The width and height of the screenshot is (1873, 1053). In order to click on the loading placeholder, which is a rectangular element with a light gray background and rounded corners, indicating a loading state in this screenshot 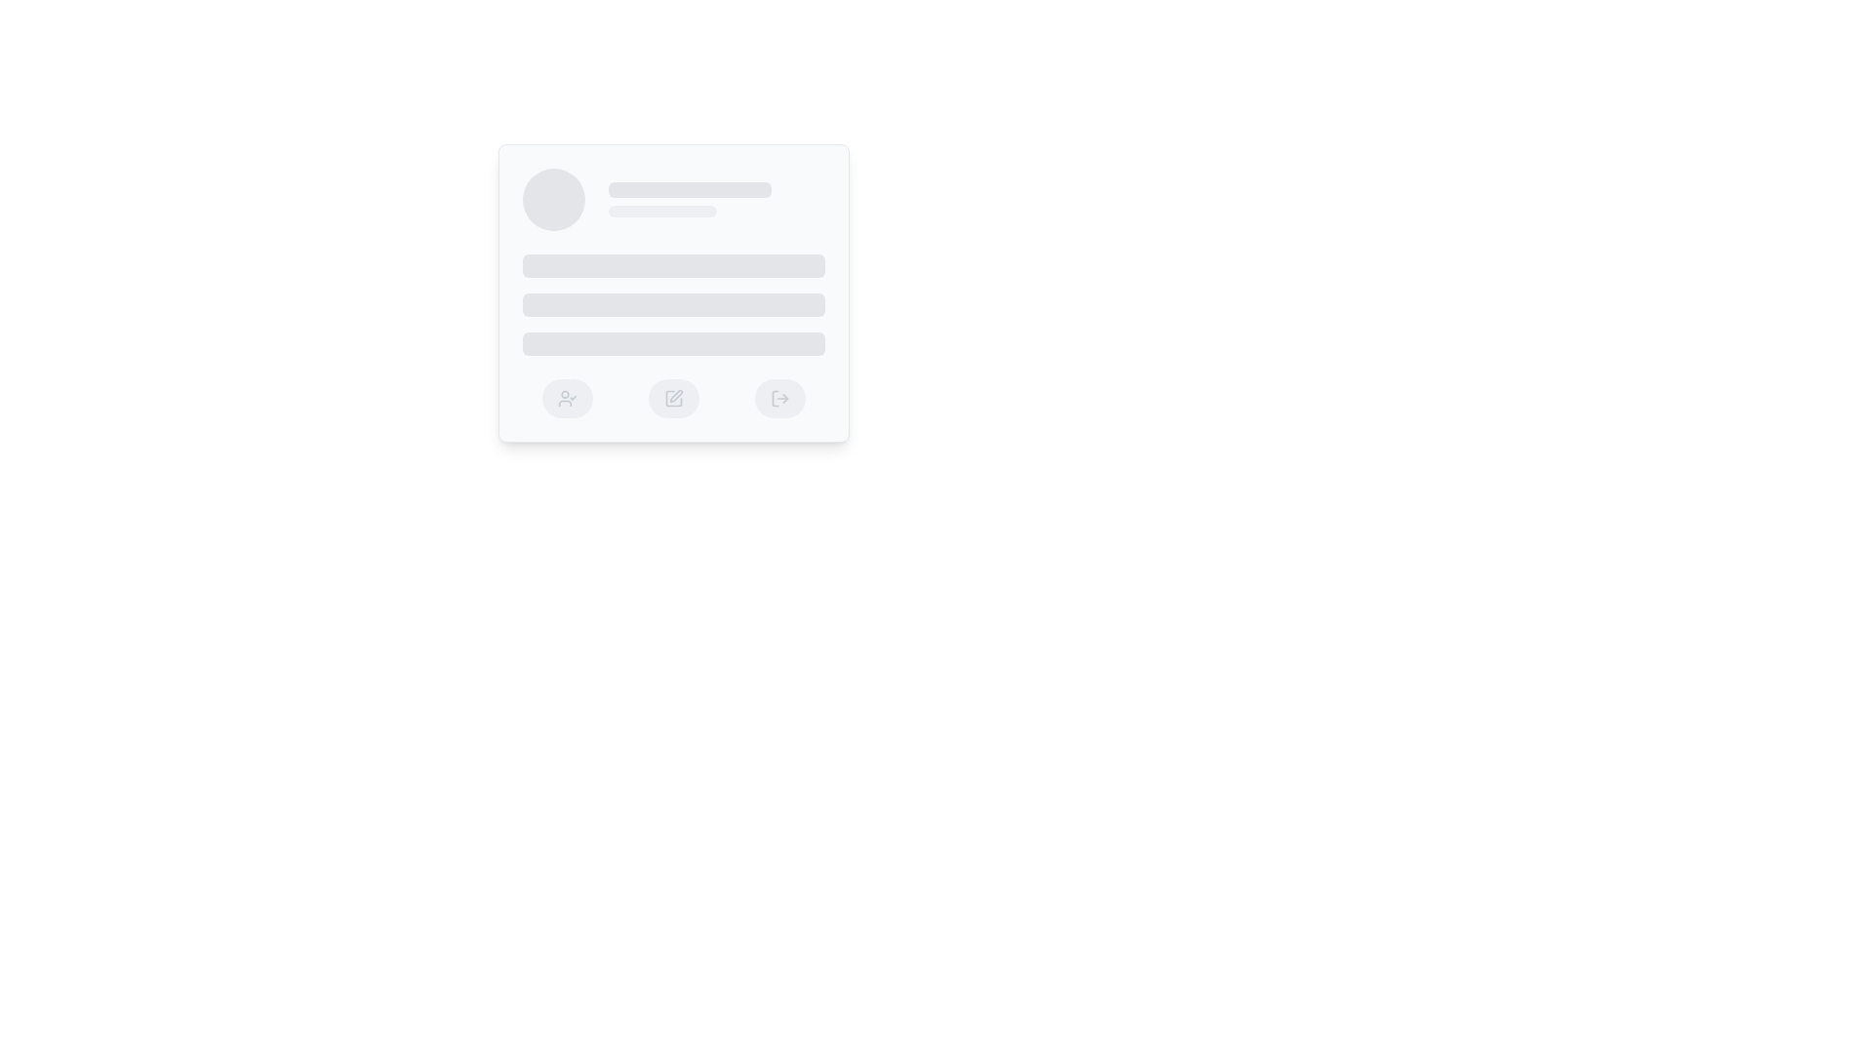, I will do `click(715, 199)`.